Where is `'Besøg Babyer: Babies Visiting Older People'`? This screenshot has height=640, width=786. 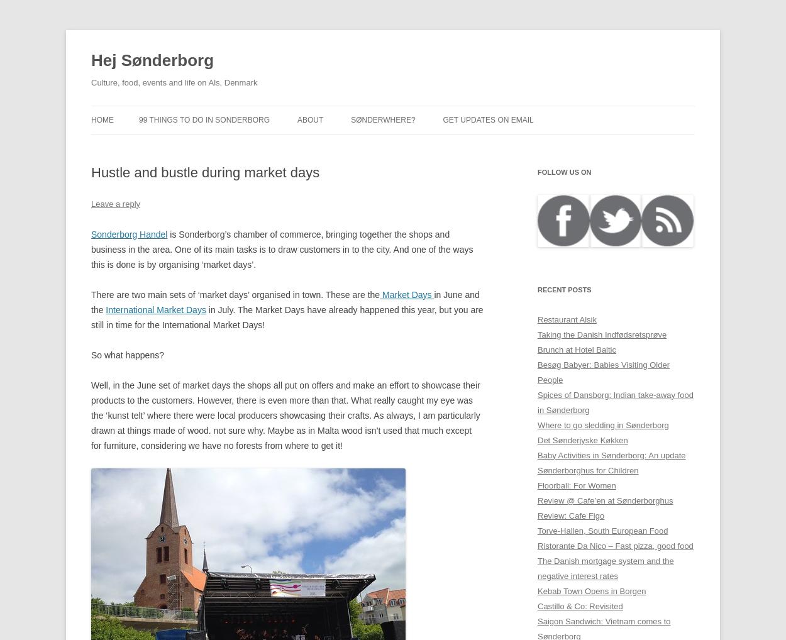 'Besøg Babyer: Babies Visiting Older People' is located at coordinates (603, 372).